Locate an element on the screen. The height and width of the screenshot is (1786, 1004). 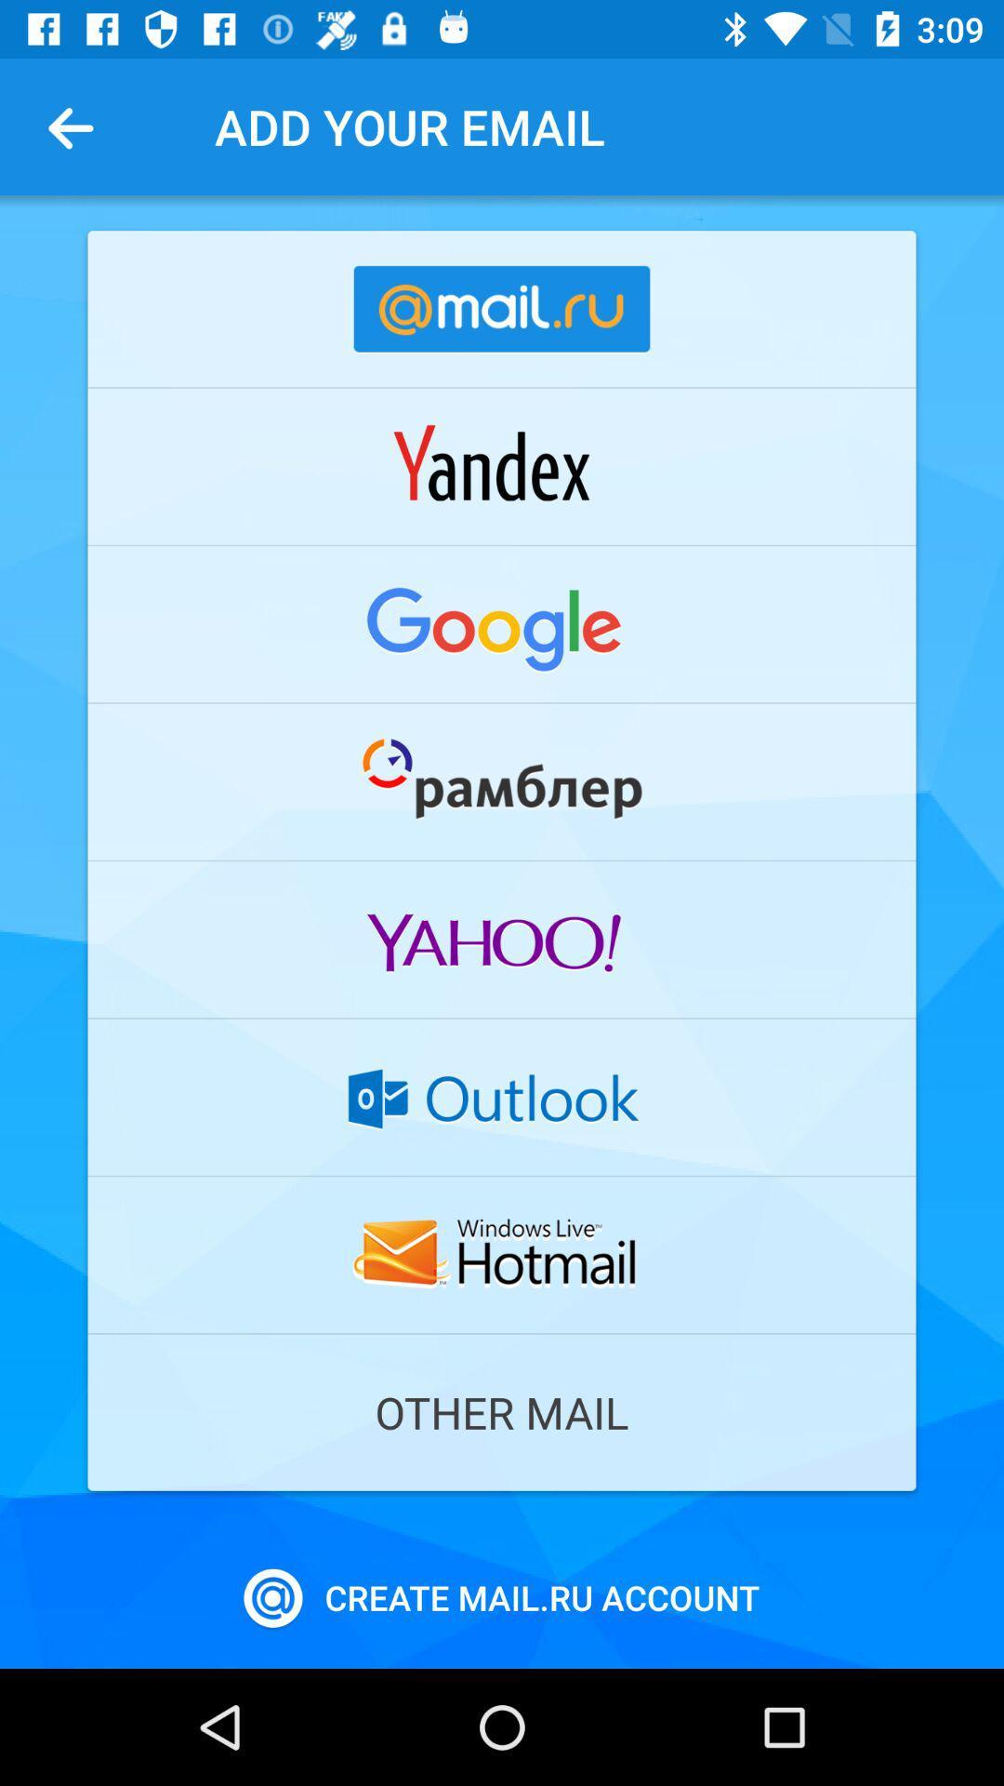
choose email option is located at coordinates (502, 1097).